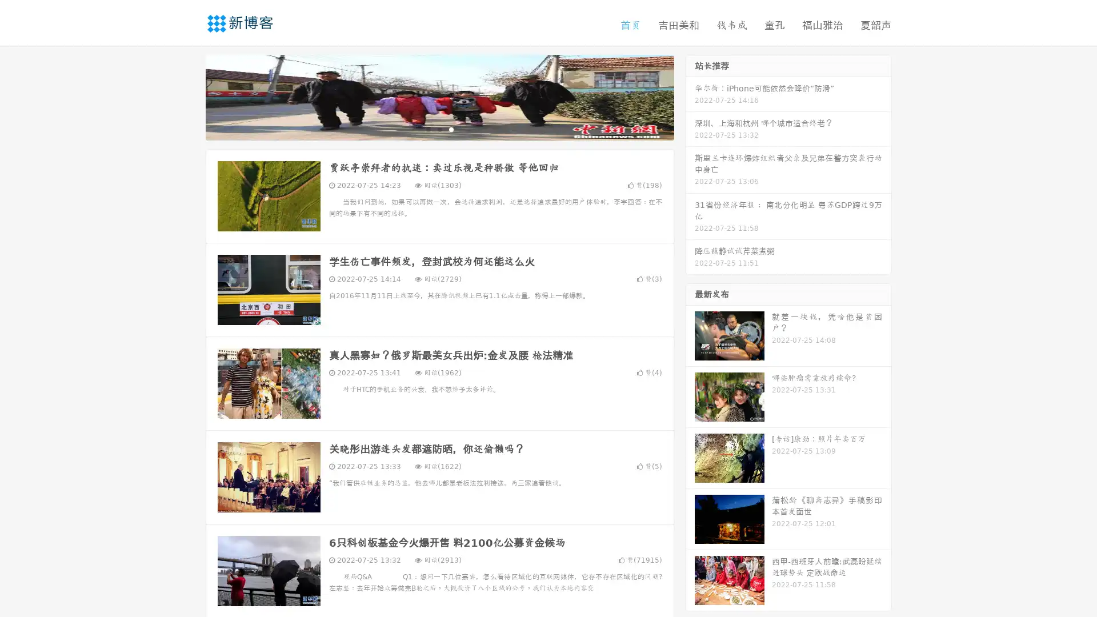 The height and width of the screenshot is (617, 1097). Describe the element at coordinates (189, 96) in the screenshot. I see `Previous slide` at that location.